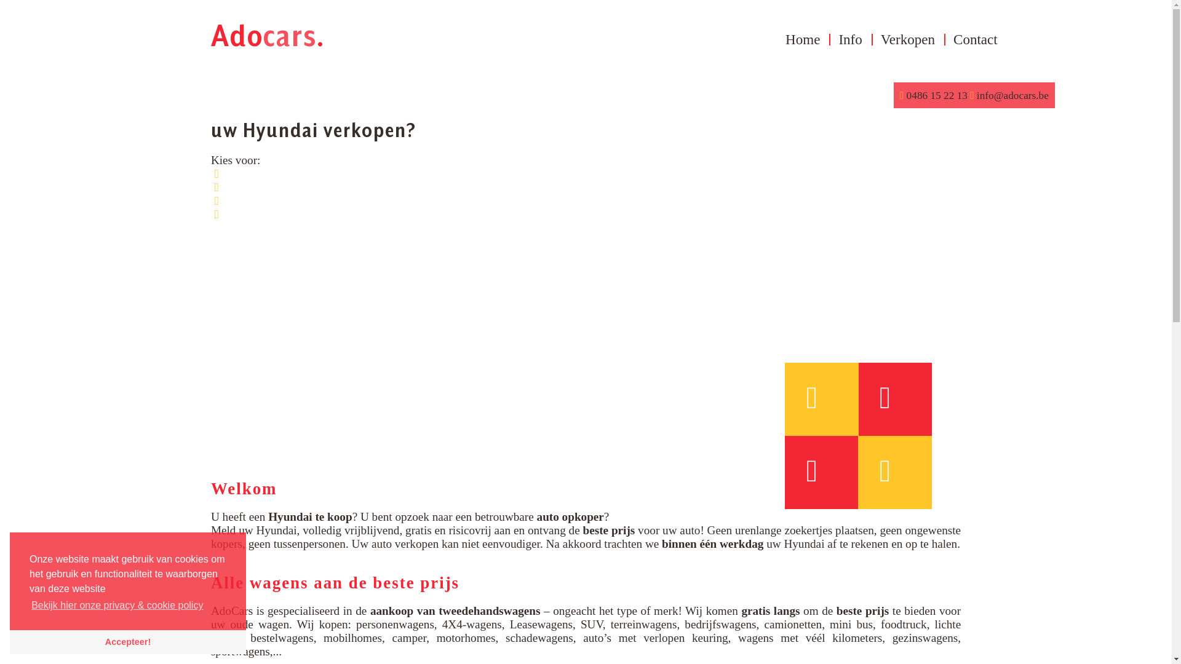 The width and height of the screenshot is (1181, 664). Describe the element at coordinates (585, 631) in the screenshot. I see `'lichte vracht'` at that location.